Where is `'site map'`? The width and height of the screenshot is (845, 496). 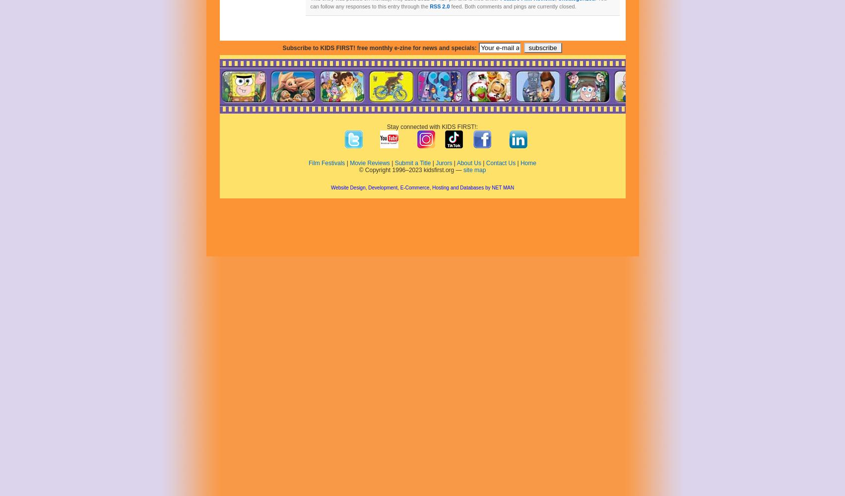
'site map' is located at coordinates (462, 170).